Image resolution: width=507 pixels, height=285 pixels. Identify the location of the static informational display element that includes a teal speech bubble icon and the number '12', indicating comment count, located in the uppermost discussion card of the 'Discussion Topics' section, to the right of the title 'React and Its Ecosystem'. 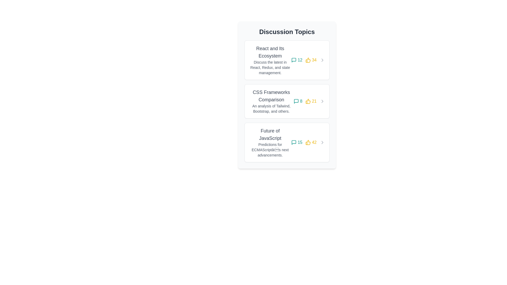
(297, 60).